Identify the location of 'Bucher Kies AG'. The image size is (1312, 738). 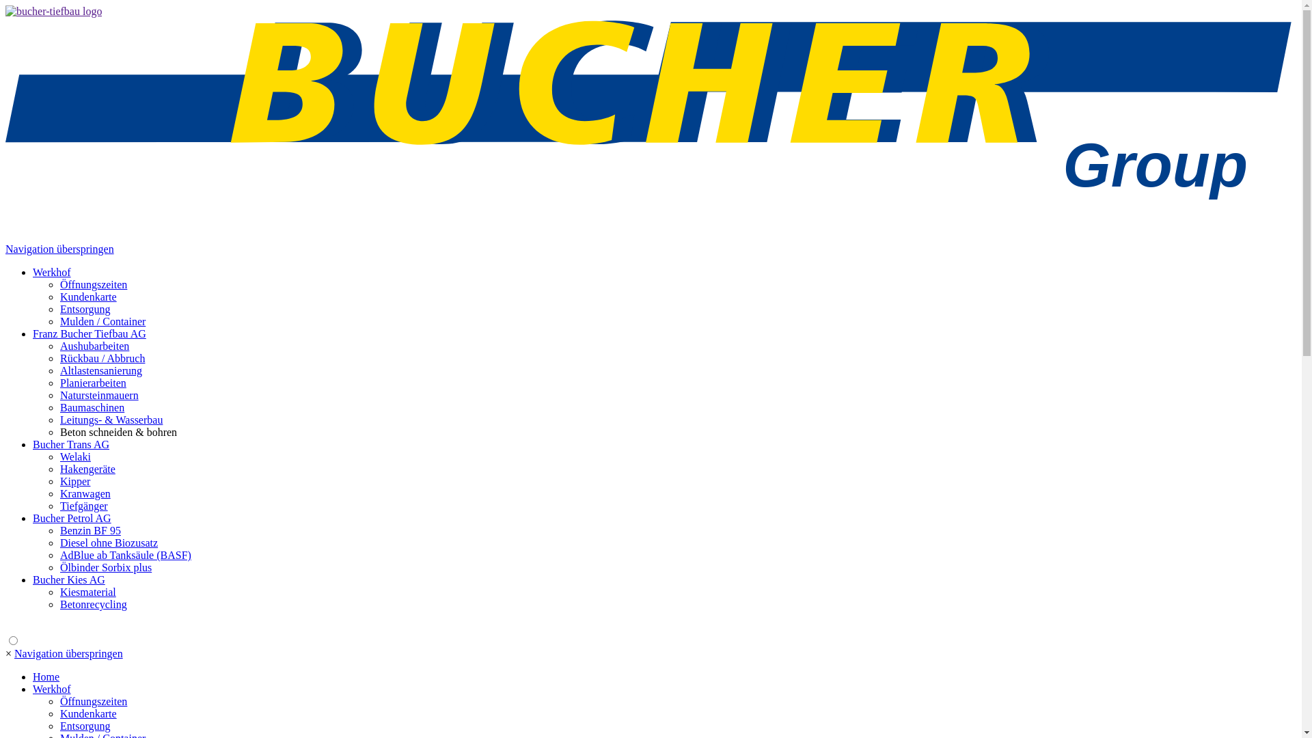
(68, 579).